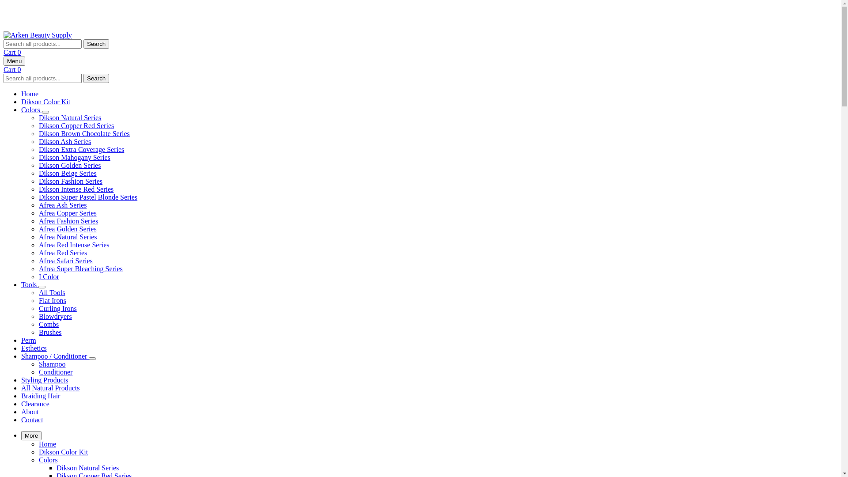 Image resolution: width=848 pixels, height=477 pixels. What do you see at coordinates (80, 268) in the screenshot?
I see `'Afrea Super Bleaching Series'` at bounding box center [80, 268].